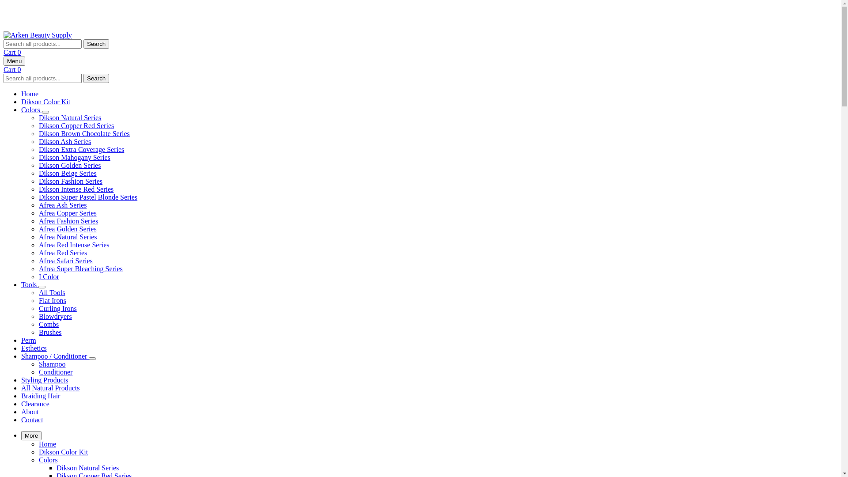 Image resolution: width=848 pixels, height=477 pixels. What do you see at coordinates (80, 268) in the screenshot?
I see `'Afrea Super Bleaching Series'` at bounding box center [80, 268].